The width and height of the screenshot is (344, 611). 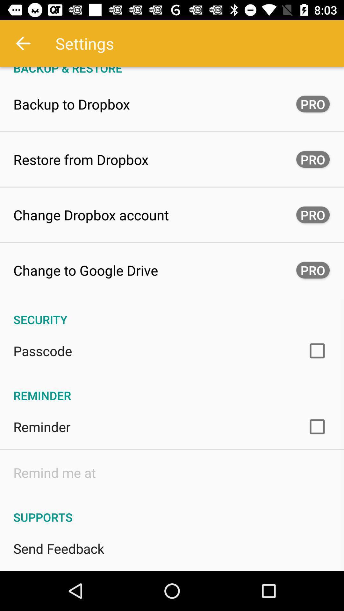 What do you see at coordinates (59, 548) in the screenshot?
I see `send feedback icon` at bounding box center [59, 548].